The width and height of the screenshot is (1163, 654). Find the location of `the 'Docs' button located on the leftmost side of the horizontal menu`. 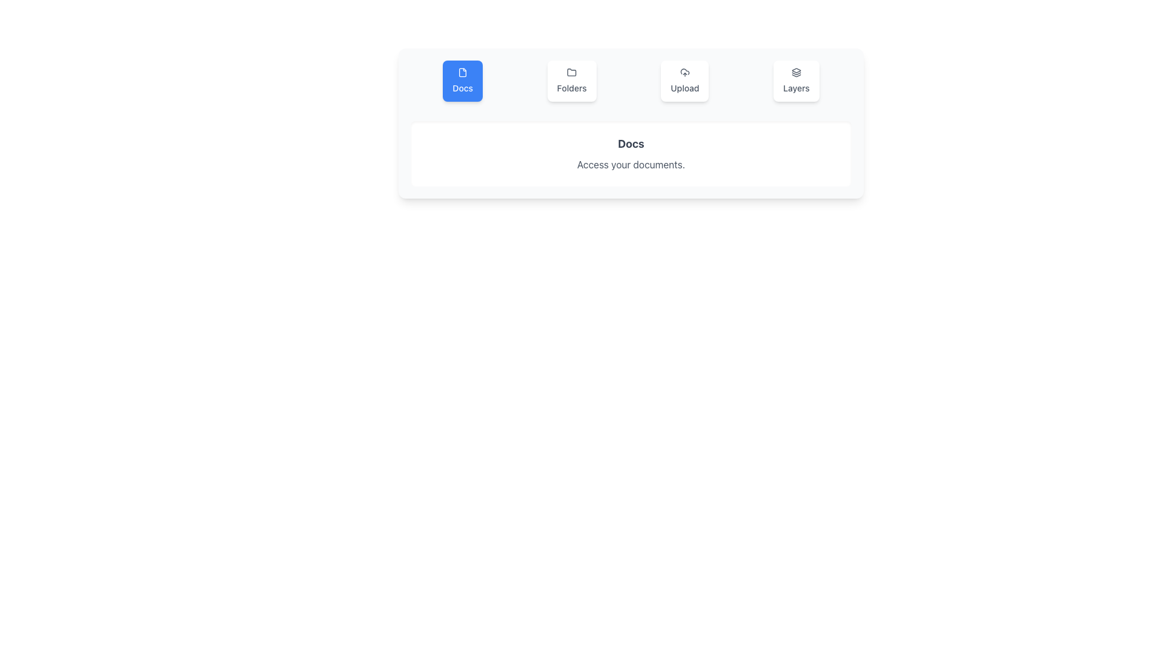

the 'Docs' button located on the leftmost side of the horizontal menu is located at coordinates (462, 81).